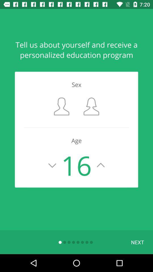  What do you see at coordinates (61, 106) in the screenshot?
I see `the icon below sex` at bounding box center [61, 106].